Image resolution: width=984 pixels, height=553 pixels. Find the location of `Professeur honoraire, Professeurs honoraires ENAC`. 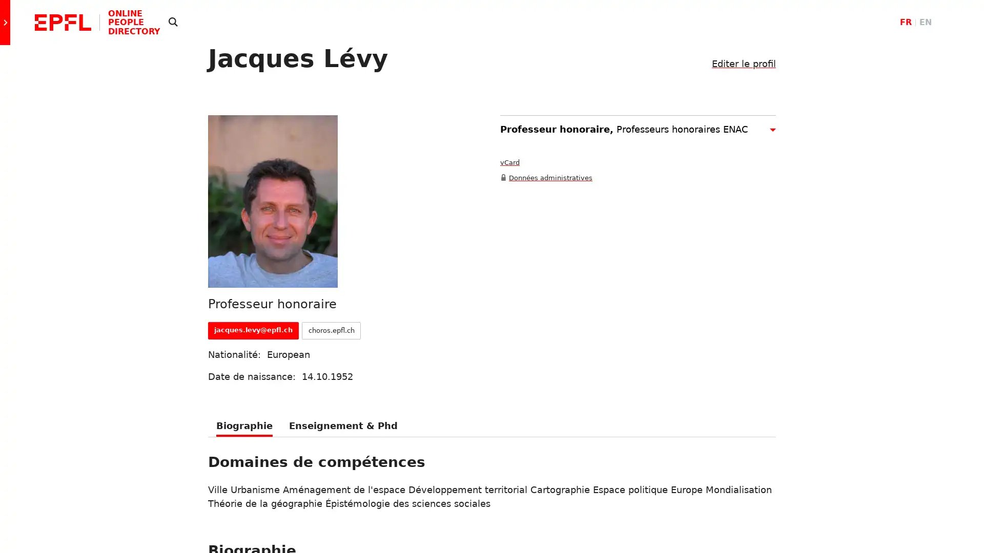

Professeur honoraire, Professeurs honoraires ENAC is located at coordinates (637, 128).